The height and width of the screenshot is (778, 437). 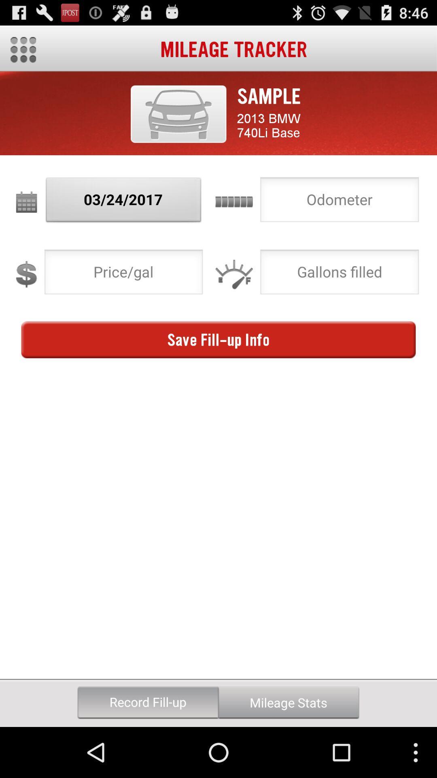 What do you see at coordinates (288, 702) in the screenshot?
I see `button below save fill up icon` at bounding box center [288, 702].